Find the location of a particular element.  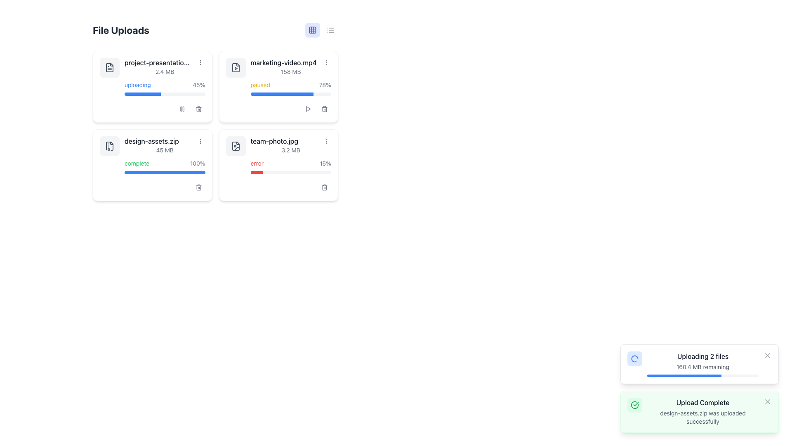

the progress bar representing the paused upload within the 'marketing-video.mp4' panel, located in the top-right section of the grid layout is located at coordinates (291, 93).